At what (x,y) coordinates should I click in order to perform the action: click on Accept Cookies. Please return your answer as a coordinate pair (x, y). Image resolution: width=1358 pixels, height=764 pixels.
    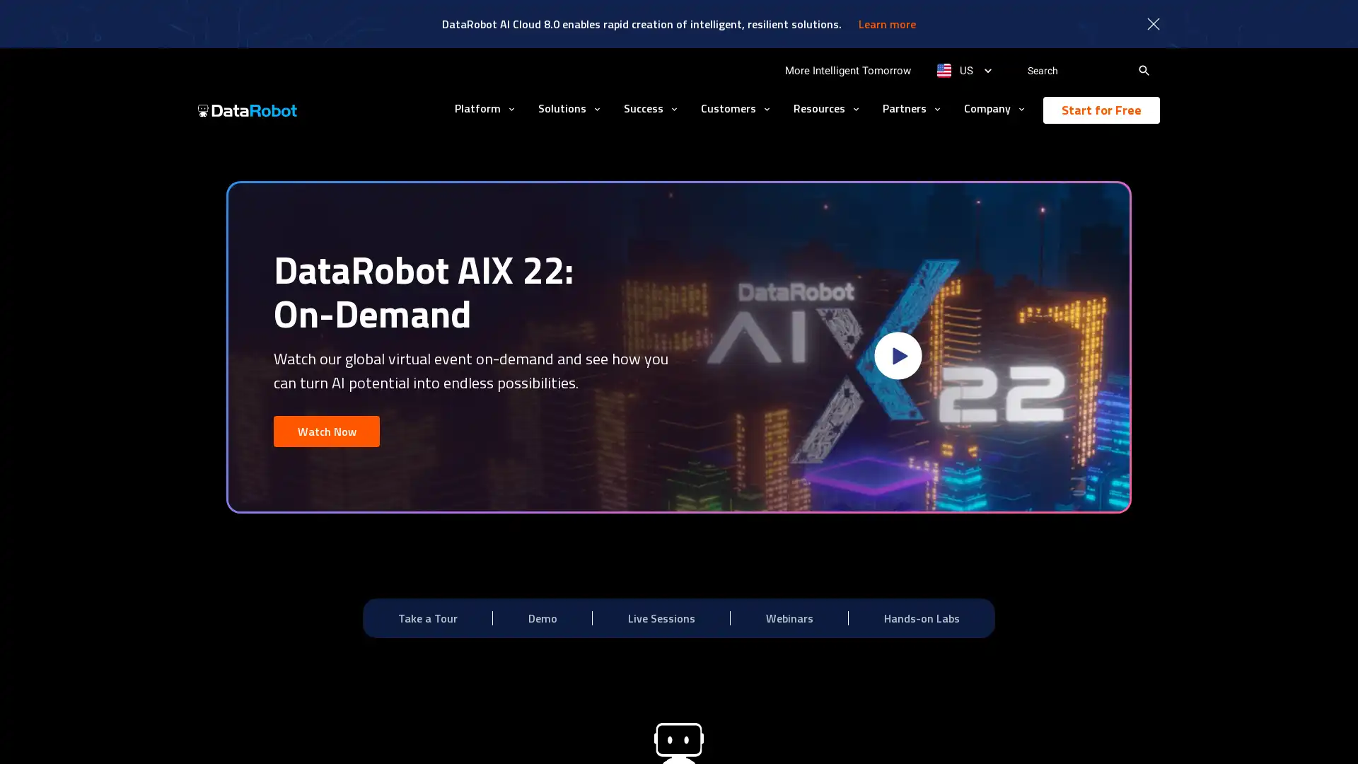
    Looking at the image, I should click on (1002, 733).